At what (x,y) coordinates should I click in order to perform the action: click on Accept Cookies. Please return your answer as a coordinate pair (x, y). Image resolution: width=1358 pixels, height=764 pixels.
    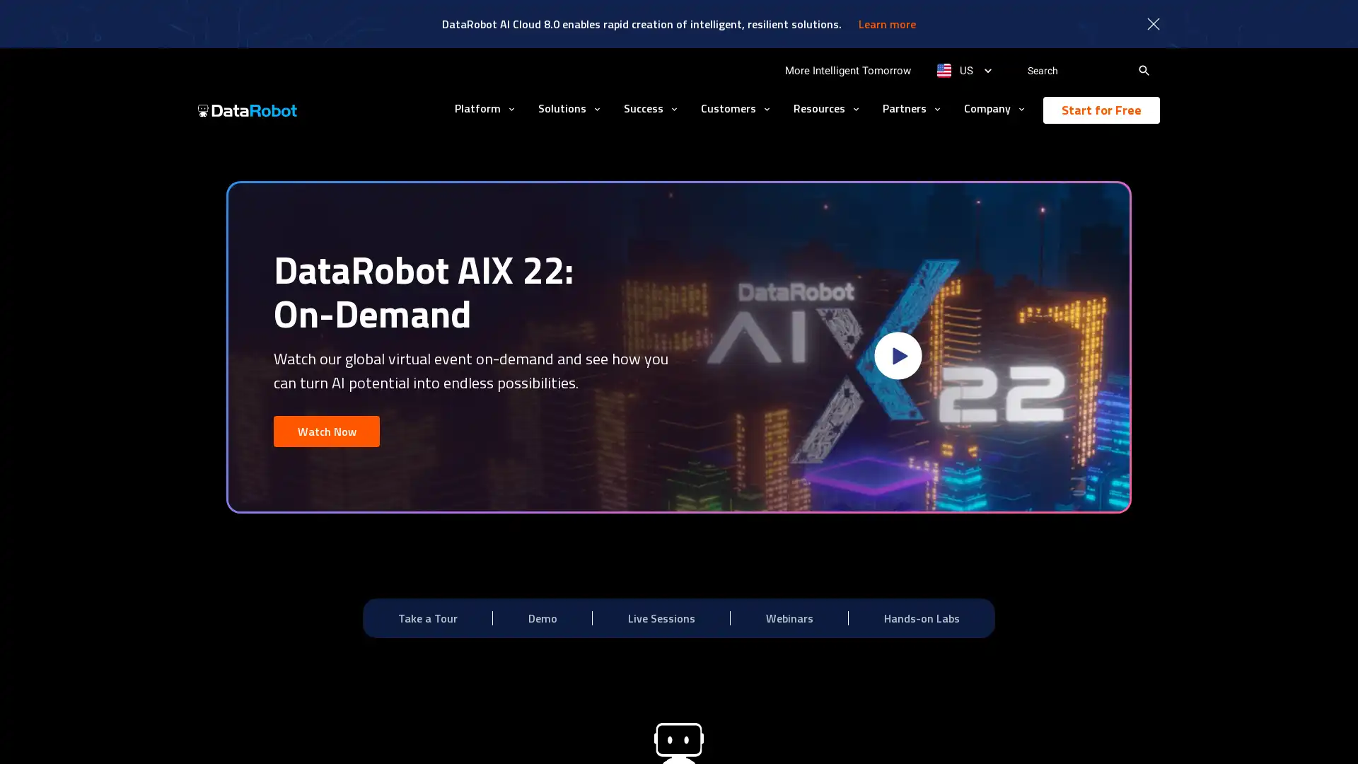
    Looking at the image, I should click on (1002, 733).